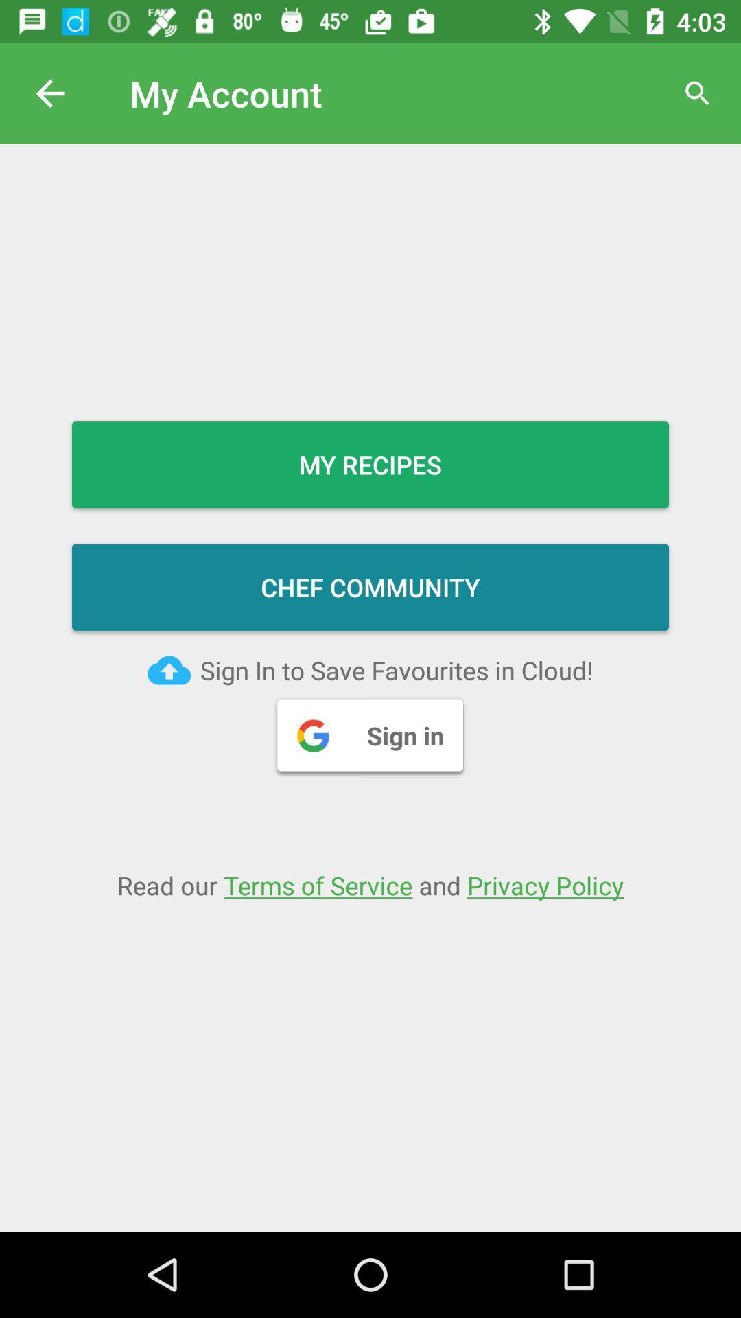  Describe the element at coordinates (370, 734) in the screenshot. I see `the sign in button on the web page` at that location.